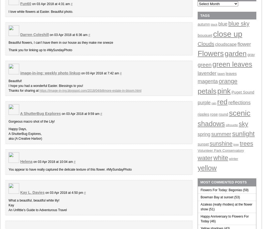 This screenshot has height=229, width=267. Describe the element at coordinates (34, 200) in the screenshot. I see `'What a beautiful, beautiful white lily!'` at that location.